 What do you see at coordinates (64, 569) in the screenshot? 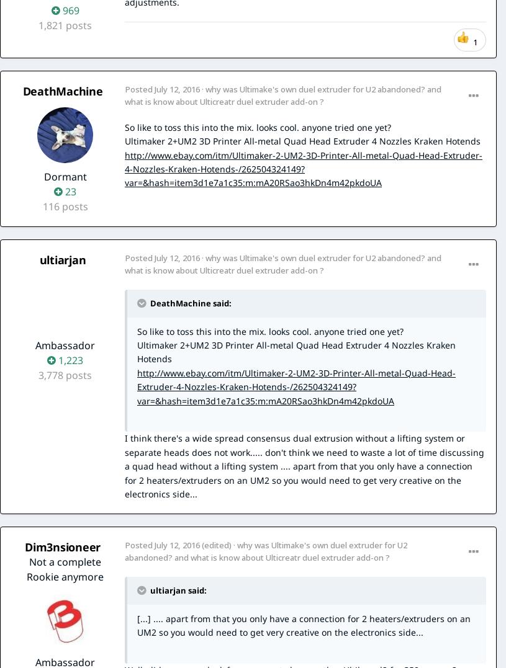
I see `'Not a complete Rookie anymore'` at bounding box center [64, 569].